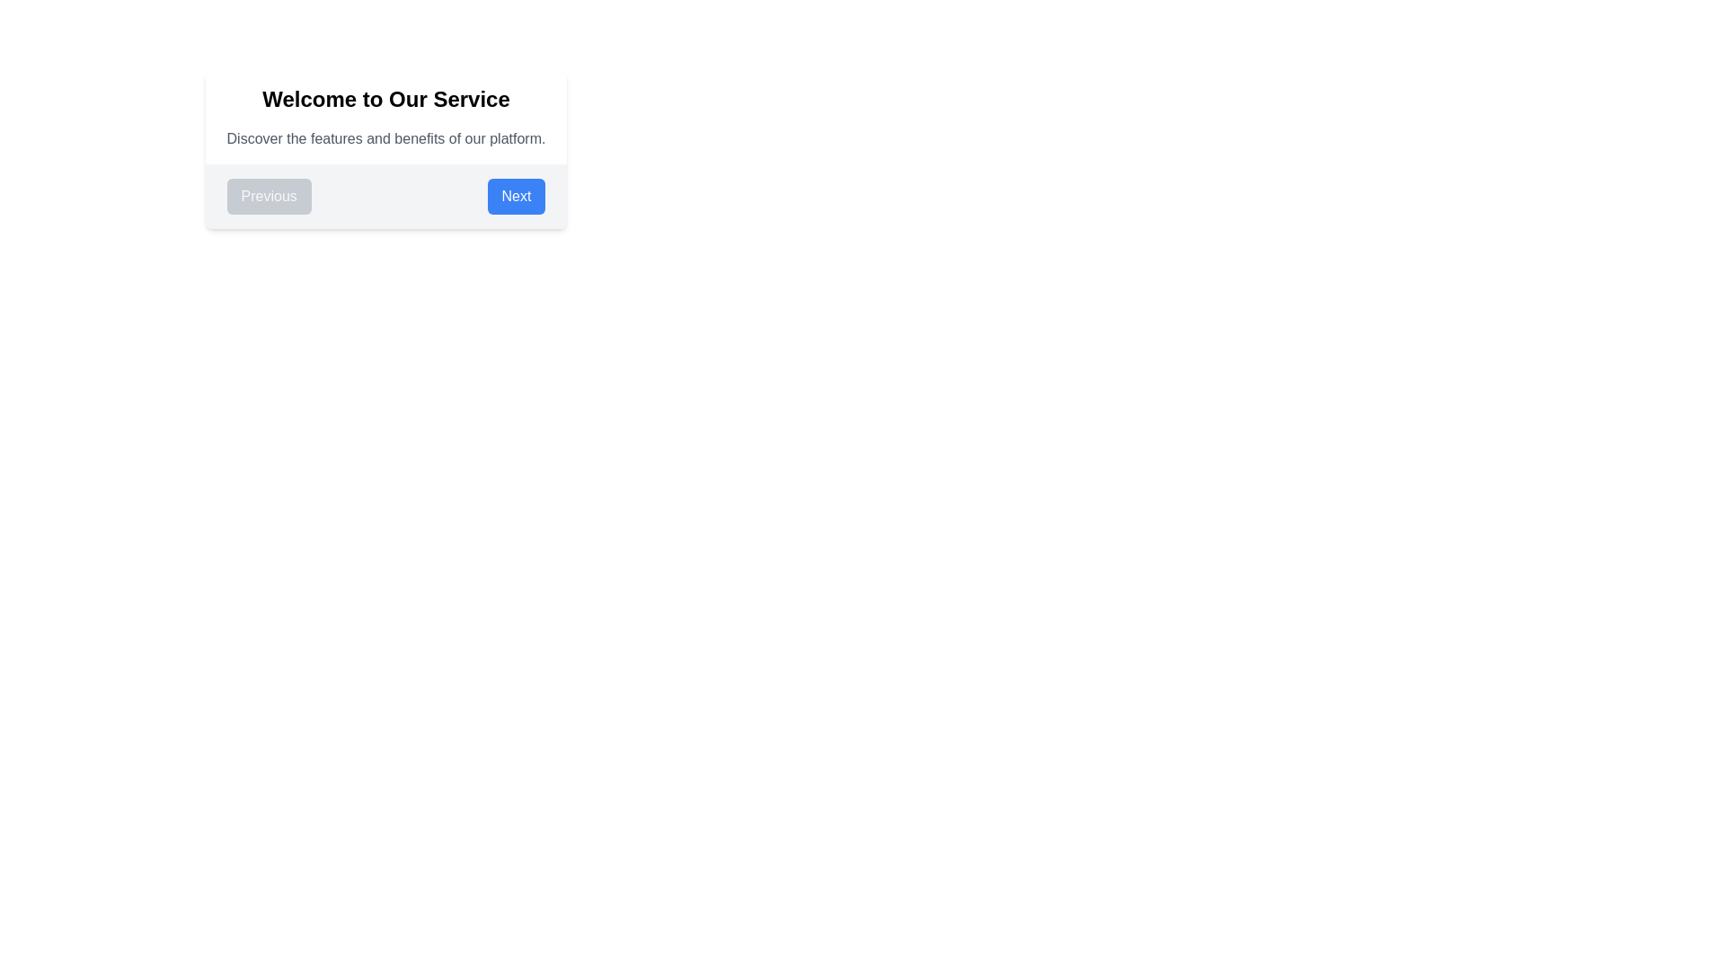 This screenshot has width=1725, height=970. Describe the element at coordinates (516, 197) in the screenshot. I see `the blue 'Next' button with white text` at that location.